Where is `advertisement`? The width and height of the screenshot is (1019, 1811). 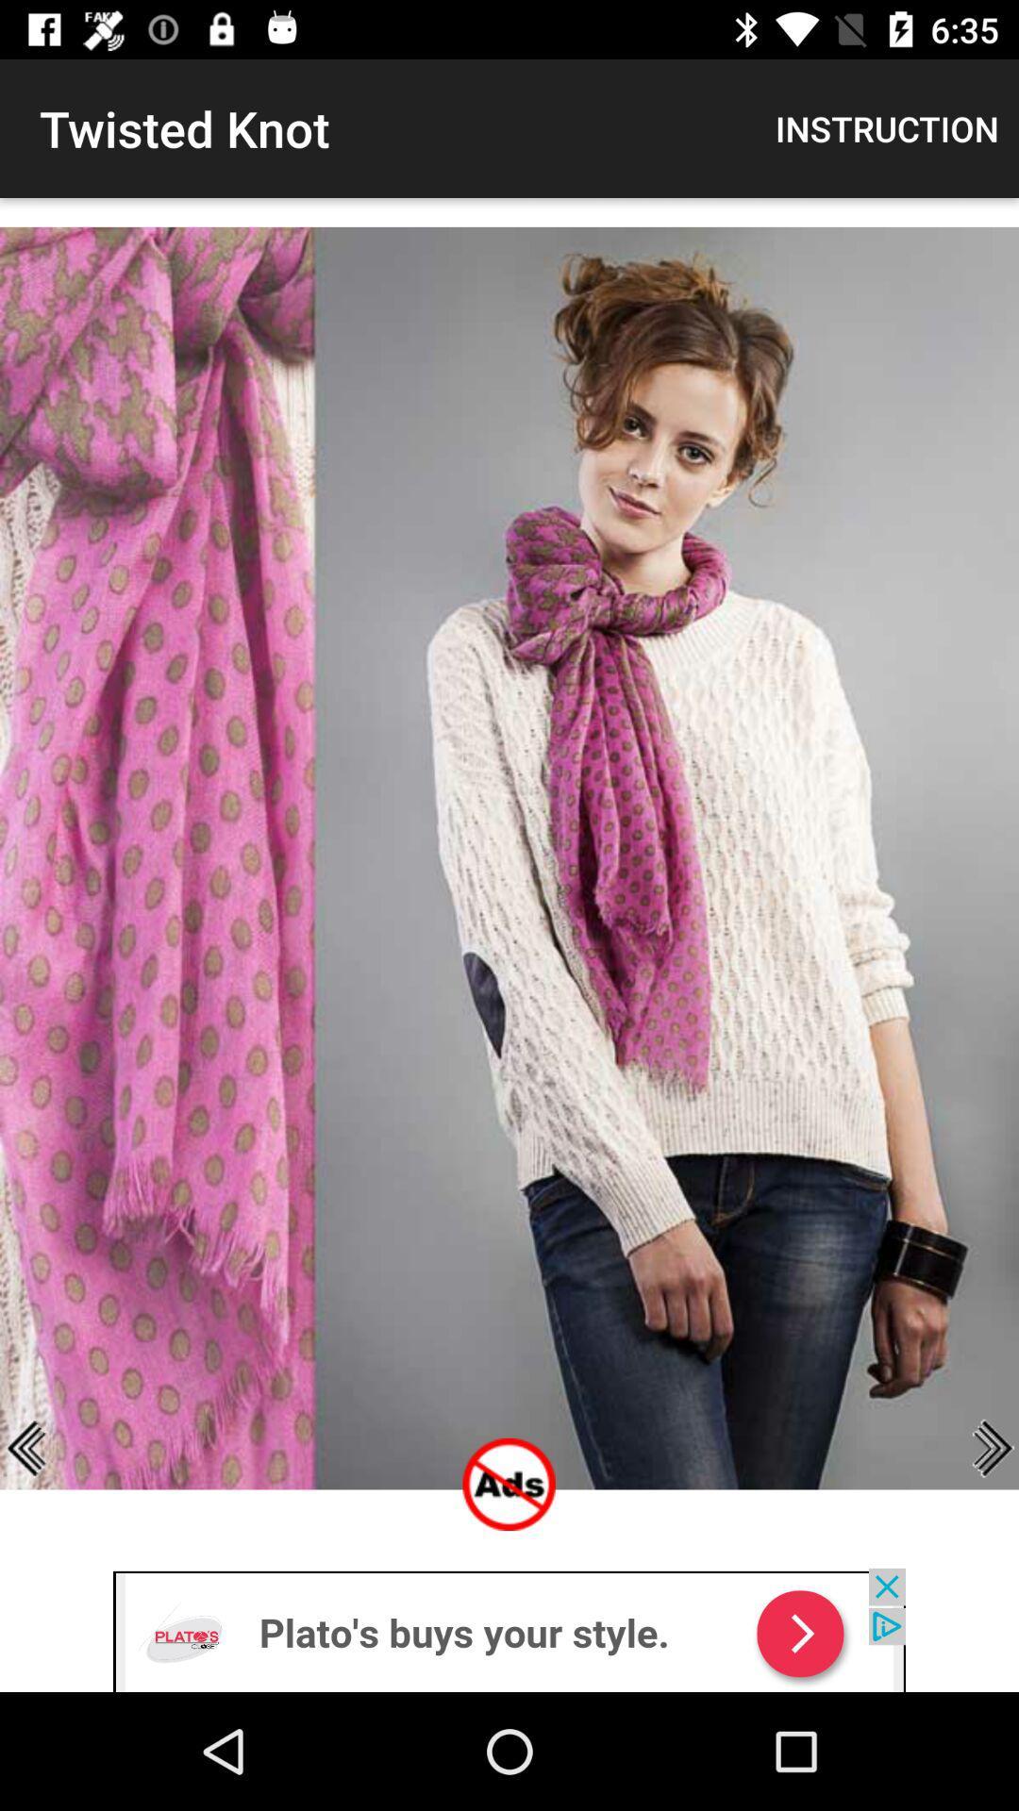 advertisement is located at coordinates (509, 1629).